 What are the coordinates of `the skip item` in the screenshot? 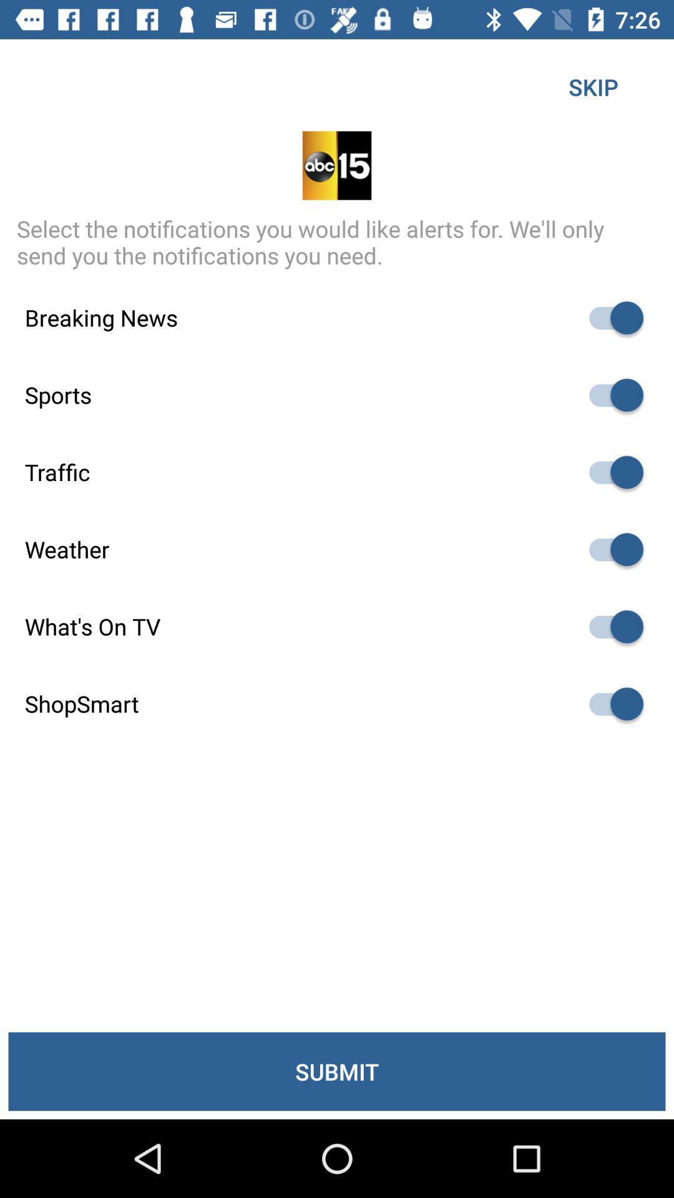 It's located at (593, 86).